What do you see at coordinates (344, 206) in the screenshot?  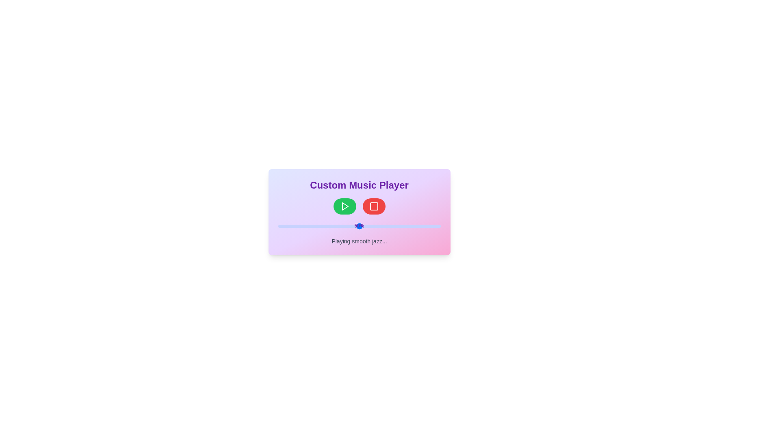 I see `the green circular button with a white triangular play icon to initiate playback` at bounding box center [344, 206].